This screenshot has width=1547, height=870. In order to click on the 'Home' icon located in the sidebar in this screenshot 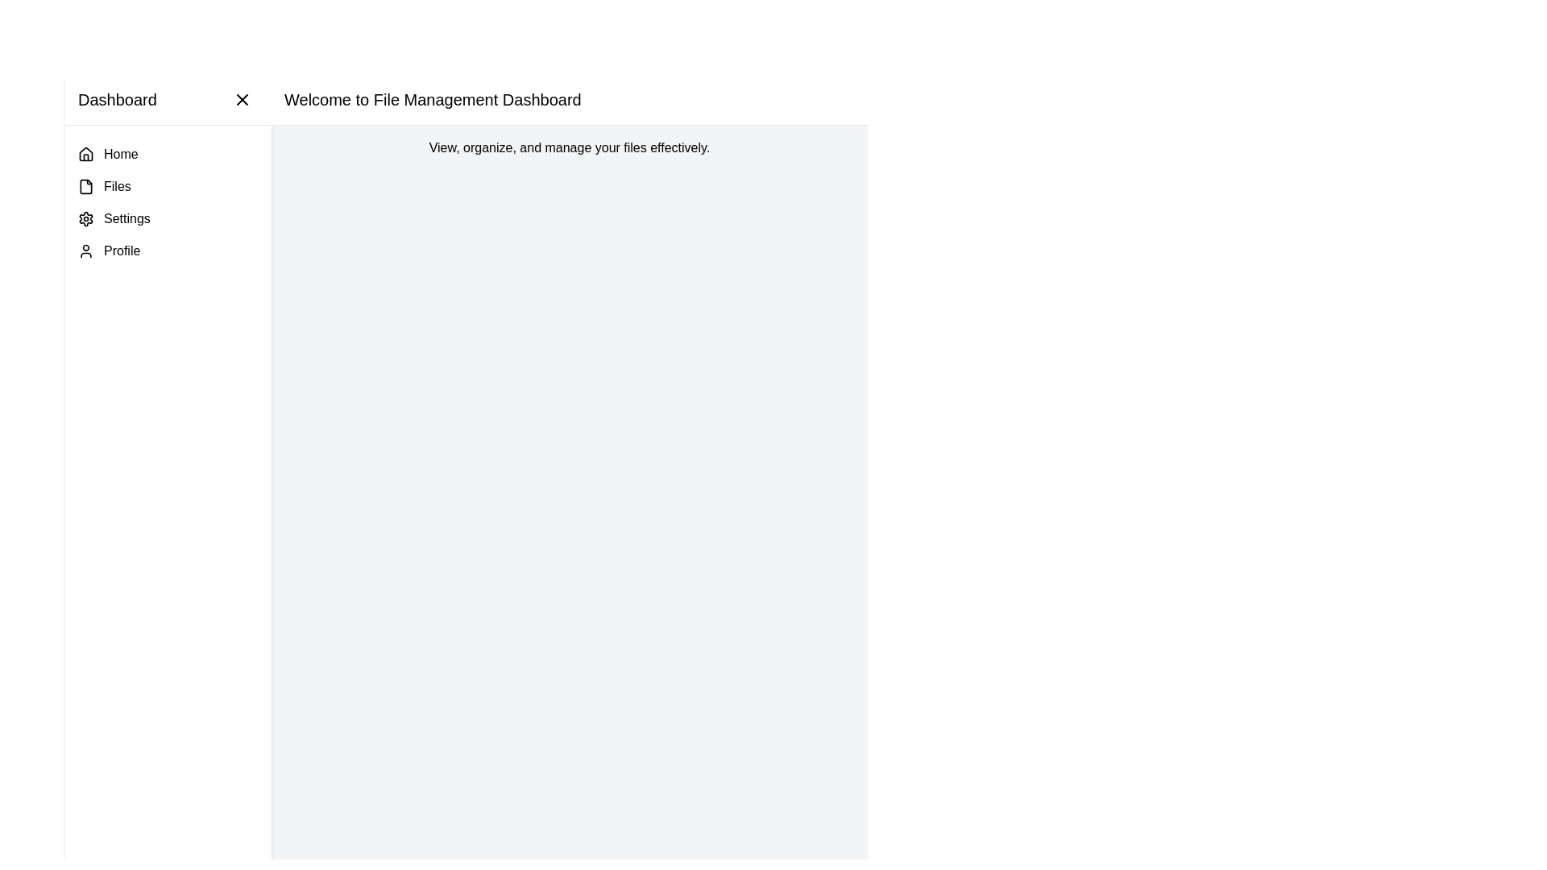, I will do `click(85, 155)`.